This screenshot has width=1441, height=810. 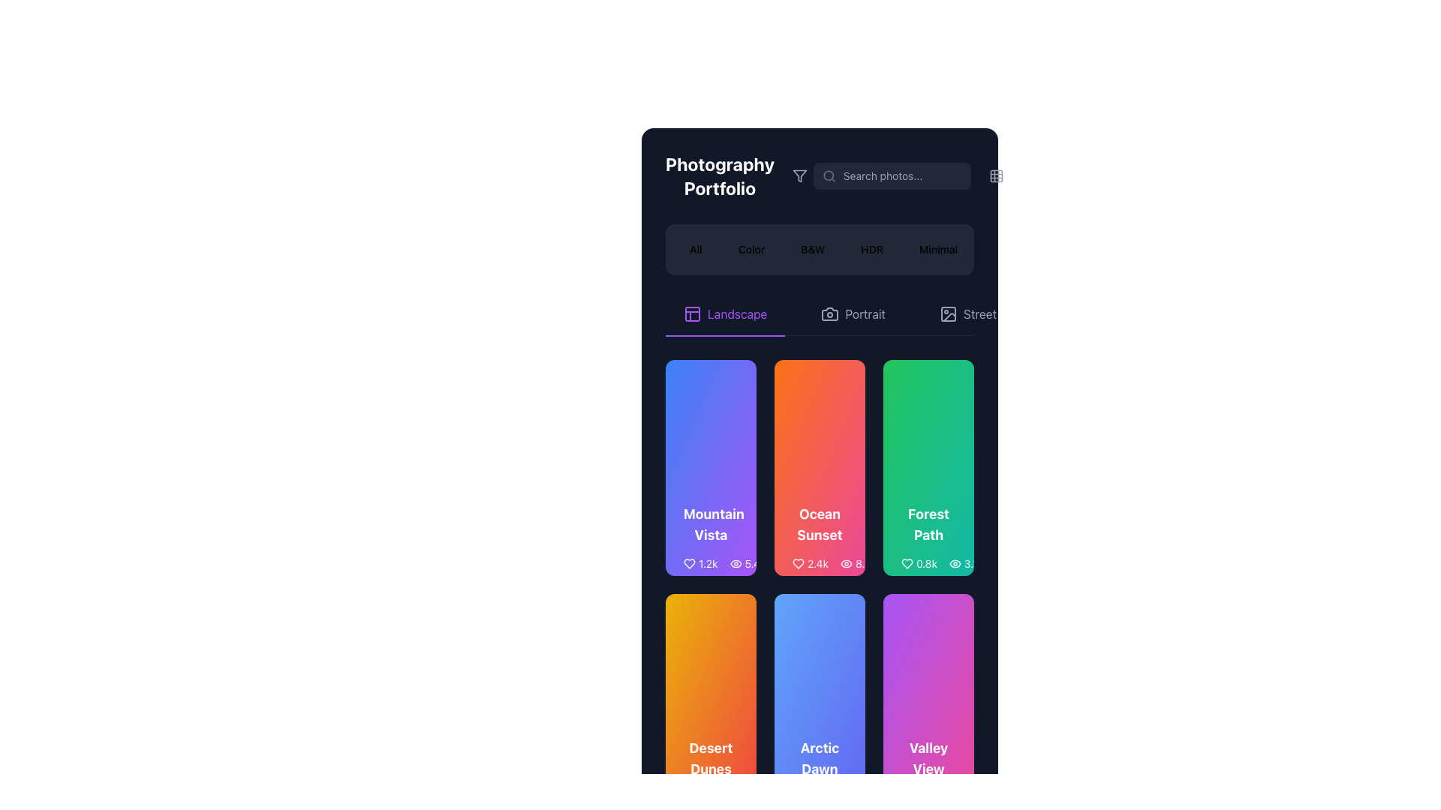 I want to click on the header label displaying 'Photography Portfolio' in bold white font, which is located at the top-left corner of the interface, next to a filter icon, so click(x=739, y=175).